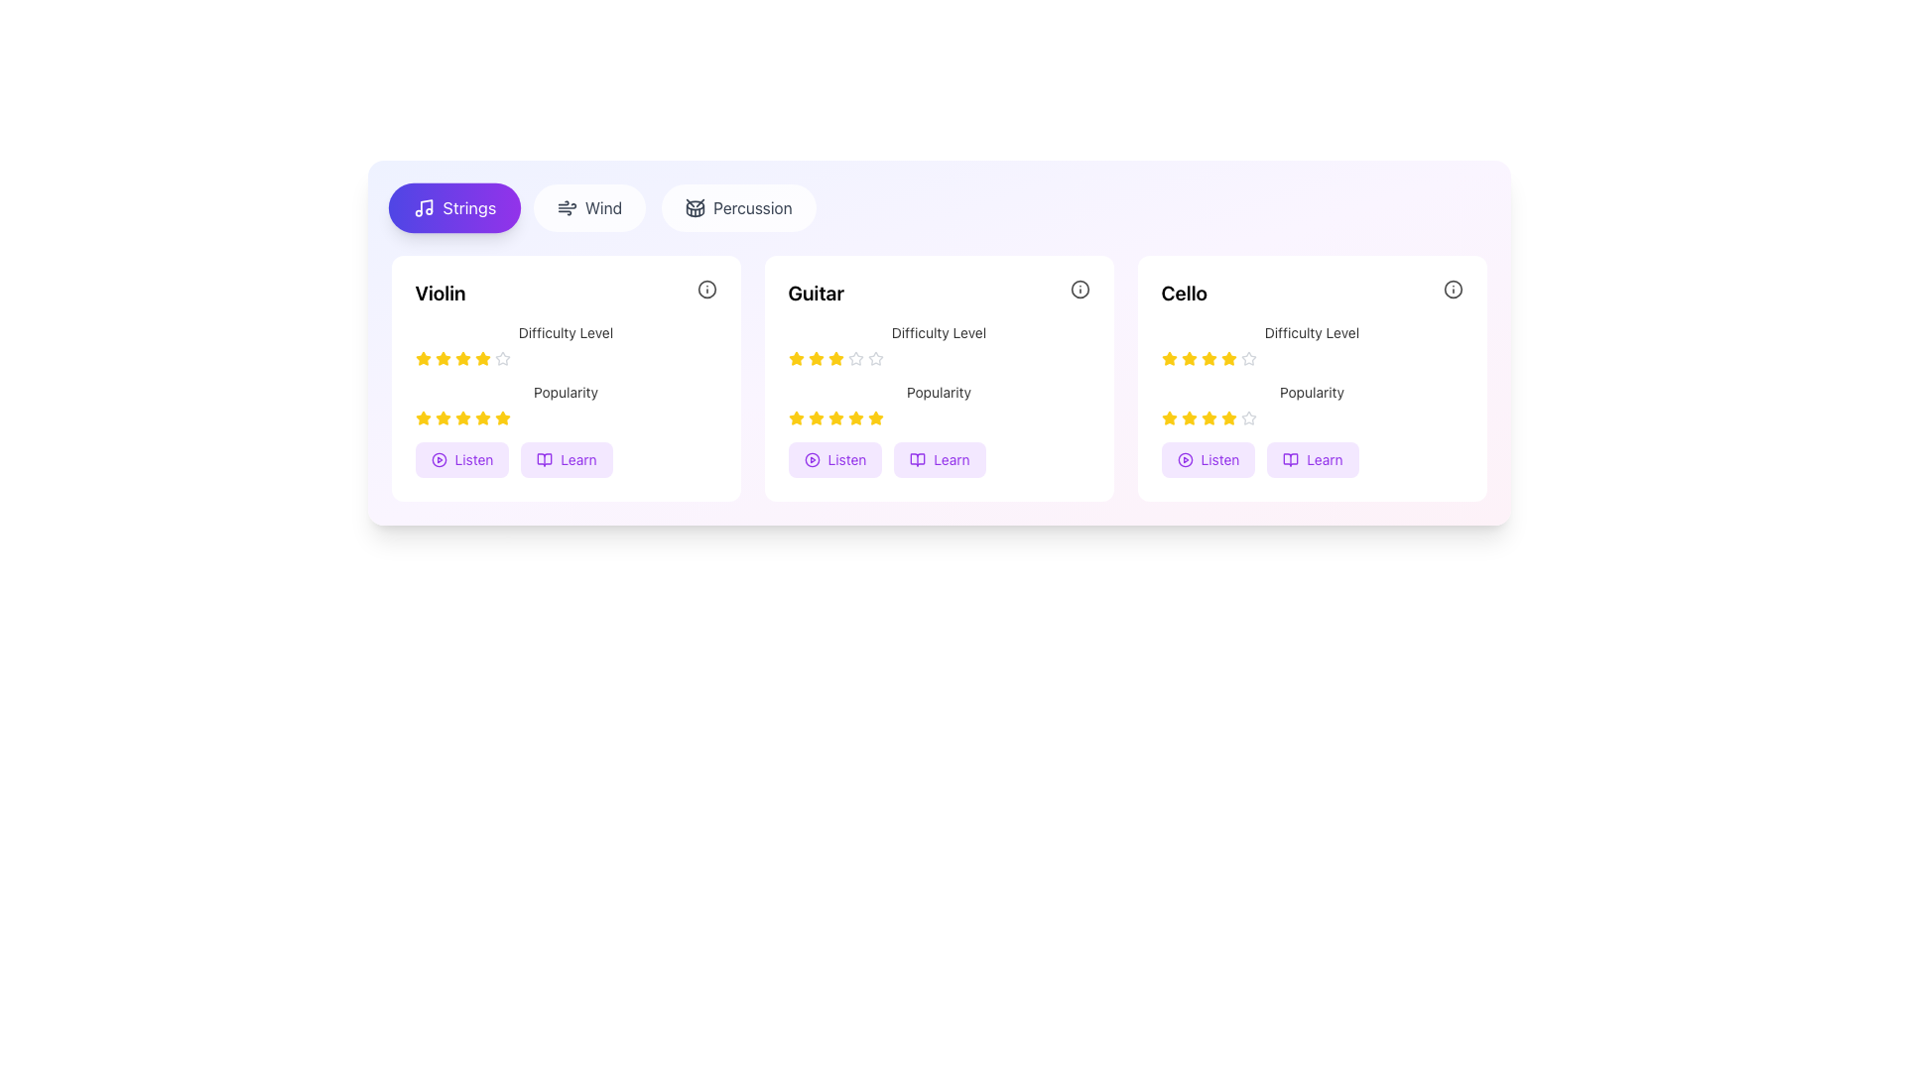  What do you see at coordinates (472, 459) in the screenshot?
I see `text label located at the center-right portion of the button for the 'Violin' card, which is positioned to the left of the 'Learn' text element` at bounding box center [472, 459].